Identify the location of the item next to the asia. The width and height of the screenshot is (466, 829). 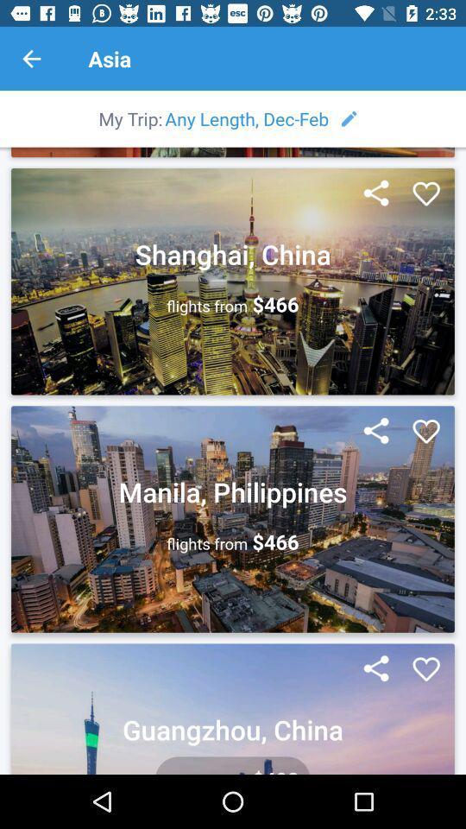
(31, 59).